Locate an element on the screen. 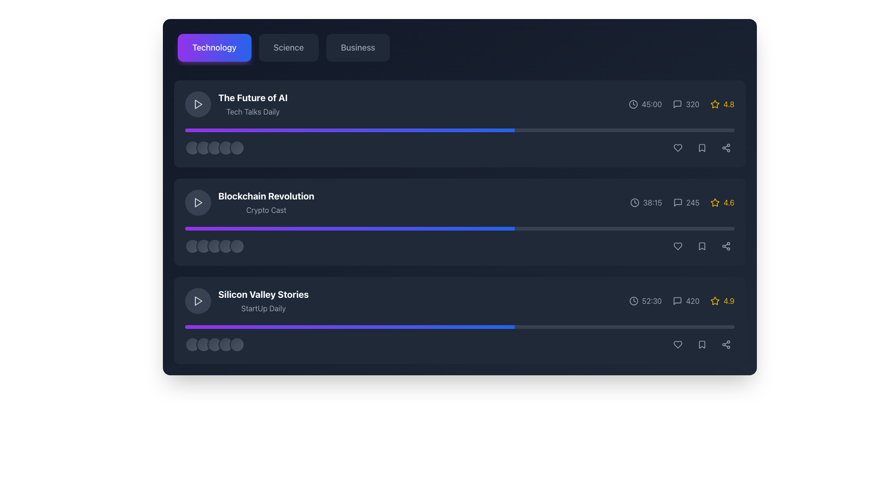 This screenshot has height=501, width=891. text label that provides the title and description of the first podcast or video entry in the 'Technology' category is located at coordinates (253, 104).